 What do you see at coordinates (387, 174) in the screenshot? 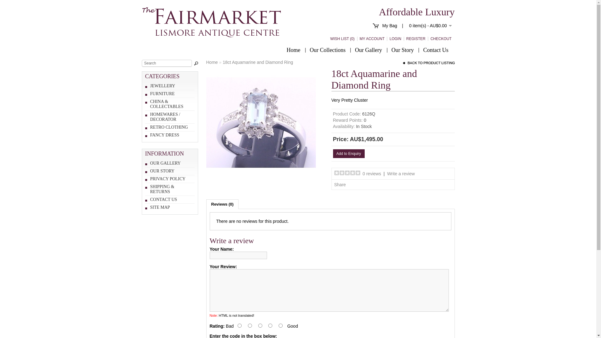
I see `'Write a review'` at bounding box center [387, 174].